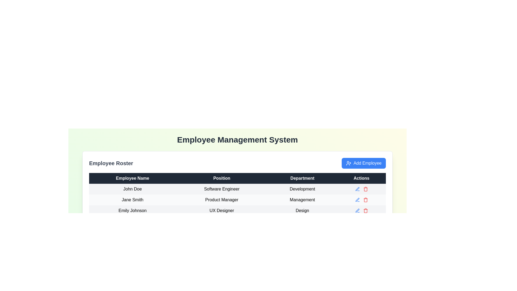 The width and height of the screenshot is (517, 291). Describe the element at coordinates (361, 200) in the screenshot. I see `the edit icon in the actions column corresponding to Jane Smith's entry in the data table to modify the entry` at that location.